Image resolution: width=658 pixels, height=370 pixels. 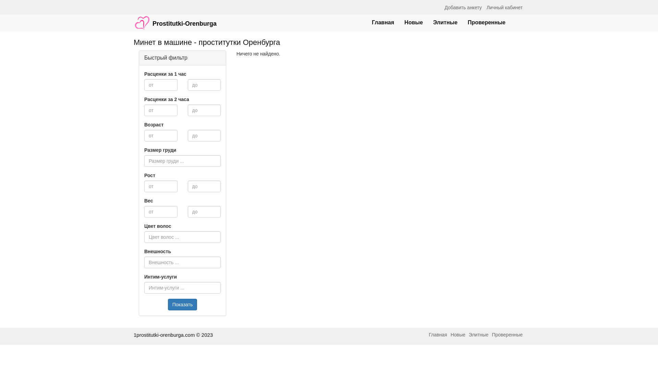 What do you see at coordinates (175, 19) in the screenshot?
I see `'Prostitutki-Orenburga'` at bounding box center [175, 19].